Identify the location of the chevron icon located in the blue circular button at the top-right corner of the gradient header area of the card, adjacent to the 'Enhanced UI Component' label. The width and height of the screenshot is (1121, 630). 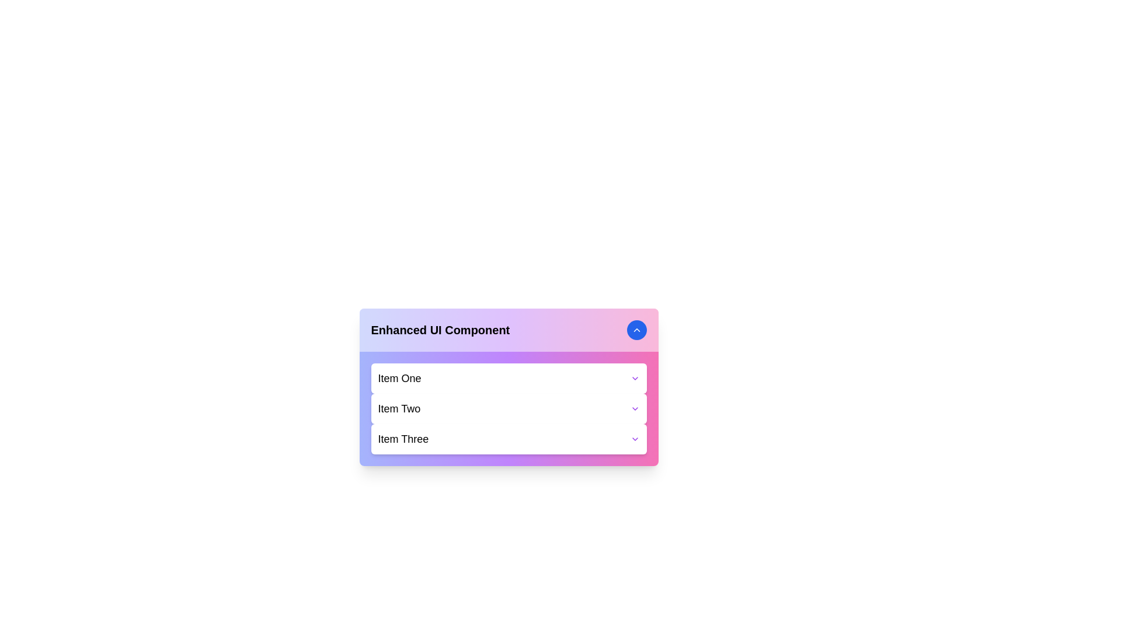
(636, 330).